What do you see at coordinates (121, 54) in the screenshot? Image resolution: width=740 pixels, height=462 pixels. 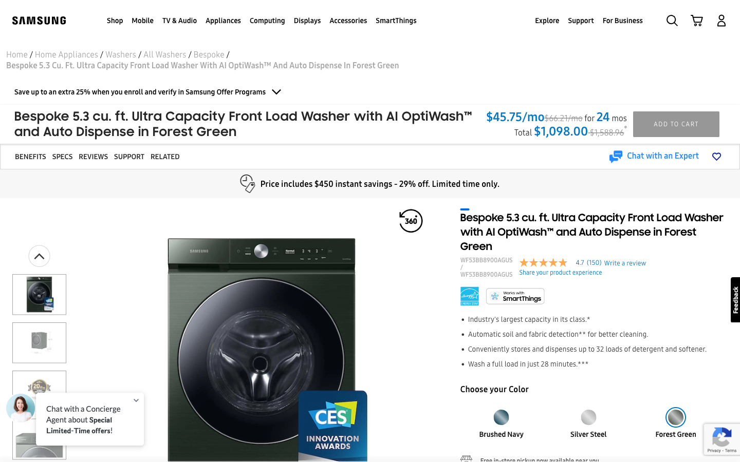 I see `Go two pages prior to view the entire washer selection` at bounding box center [121, 54].